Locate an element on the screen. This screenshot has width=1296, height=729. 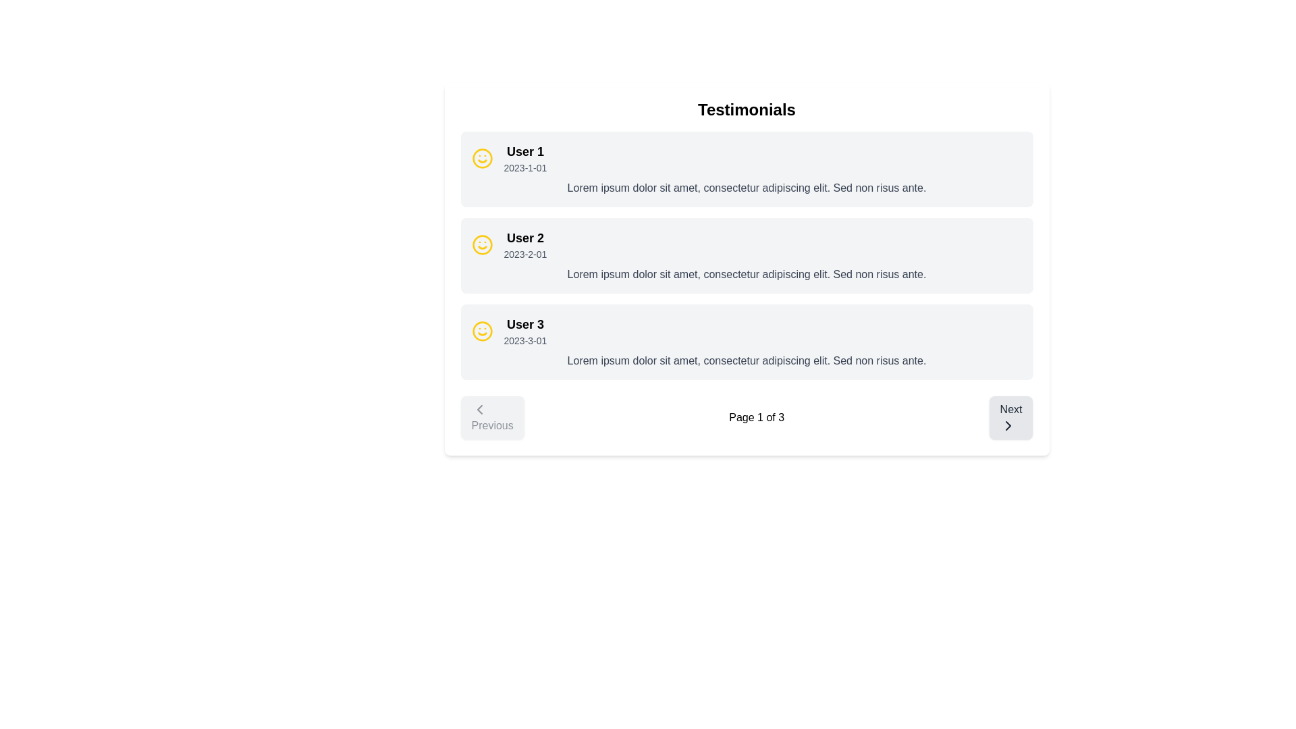
the leftward arrow icon inside the 'Previous' button at the bottom-left corner of the interface is located at coordinates (479, 408).